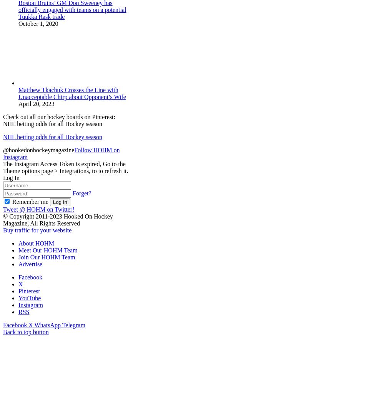 The width and height of the screenshot is (376, 407). I want to click on 'Close', so click(10, 338).